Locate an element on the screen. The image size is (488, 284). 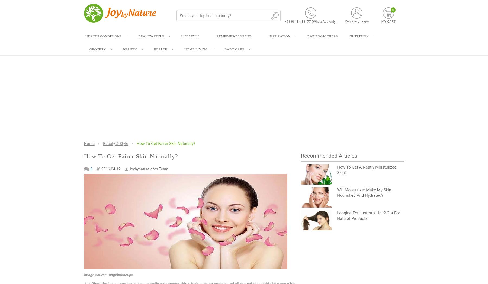
'Longing For Lustrous Hair? Opt For Natural Products' is located at coordinates (368, 215).